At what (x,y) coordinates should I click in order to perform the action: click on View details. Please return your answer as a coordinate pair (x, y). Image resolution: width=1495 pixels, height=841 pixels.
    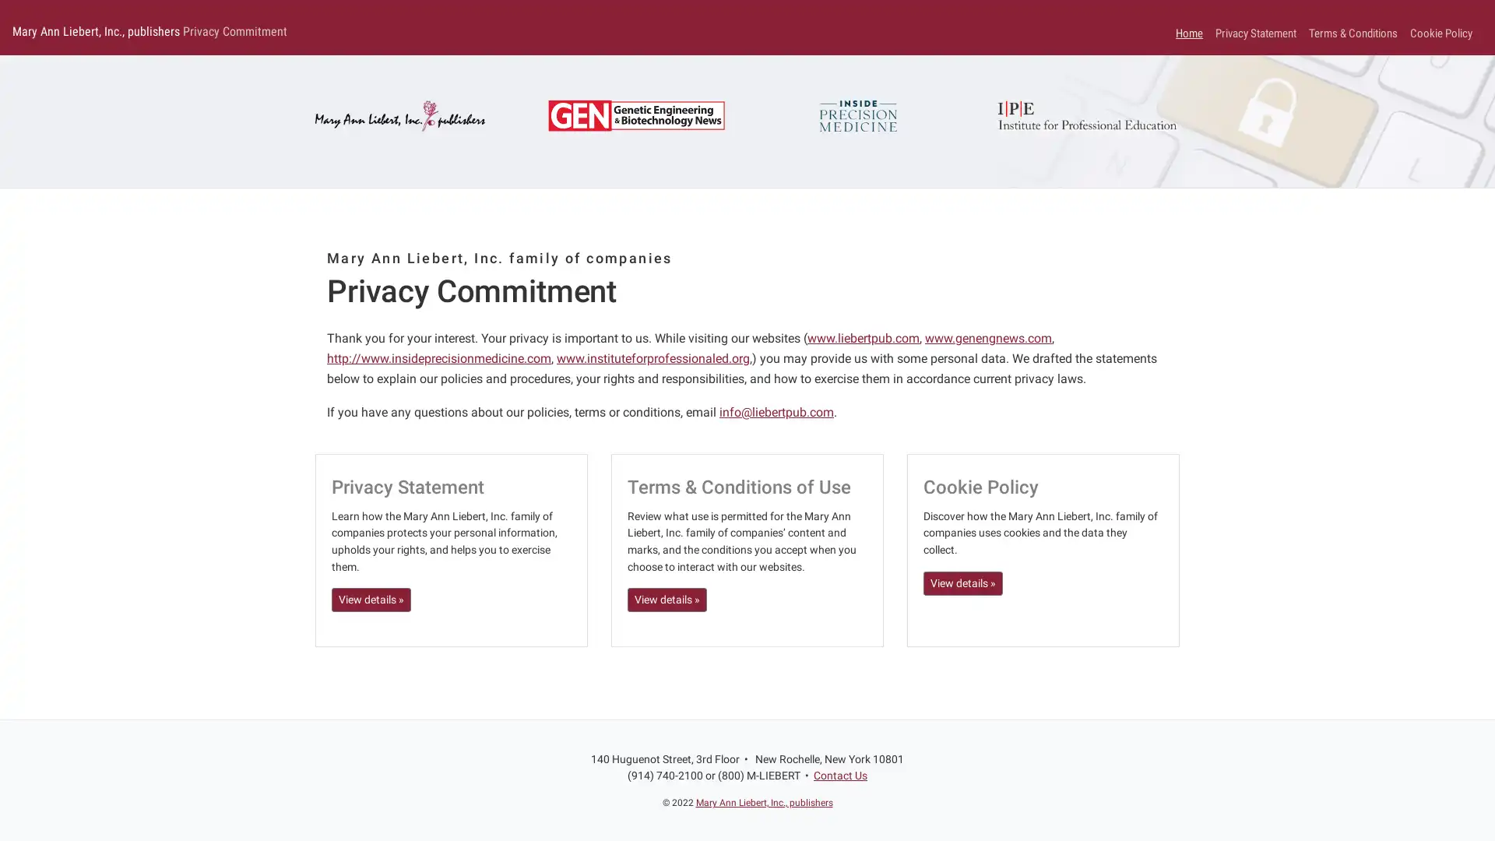
    Looking at the image, I should click on (962, 582).